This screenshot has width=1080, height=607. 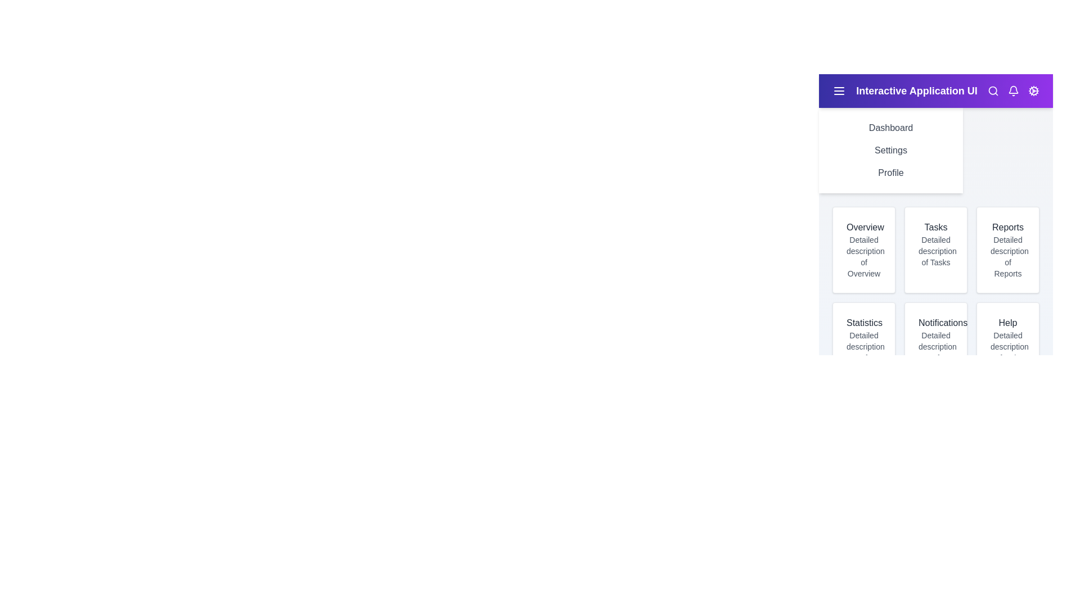 I want to click on the menu icon to toggle the sidebar visibility, so click(x=839, y=90).